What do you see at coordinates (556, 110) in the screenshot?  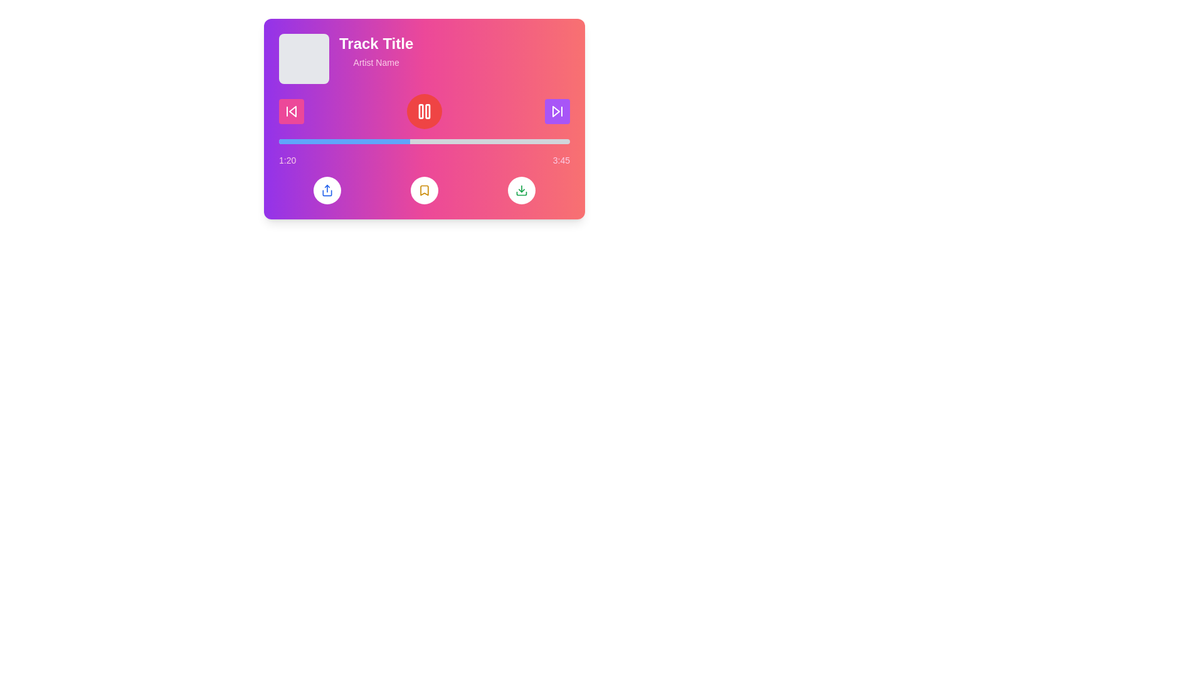 I see `the 'Skip Forward' button located on the right side of the horizontal row of controls` at bounding box center [556, 110].